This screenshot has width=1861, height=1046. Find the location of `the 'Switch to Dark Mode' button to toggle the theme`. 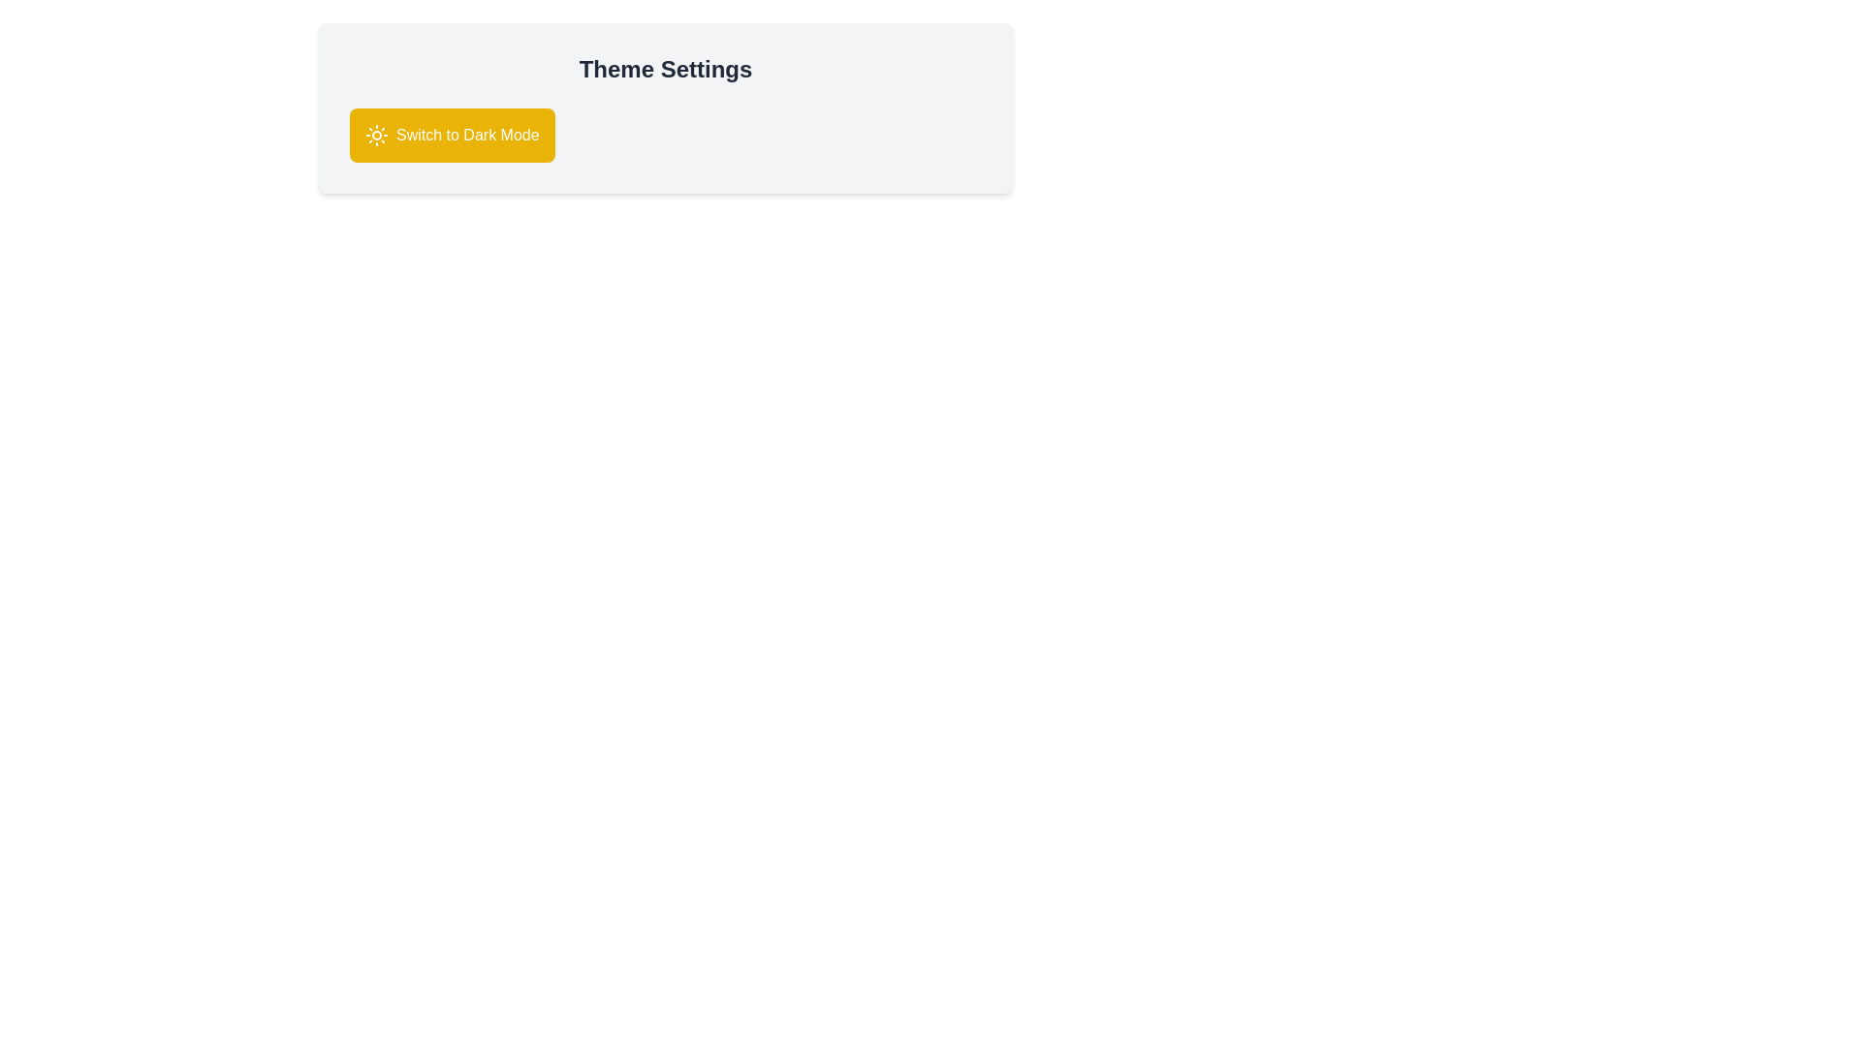

the 'Switch to Dark Mode' button to toggle the theme is located at coordinates (451, 134).